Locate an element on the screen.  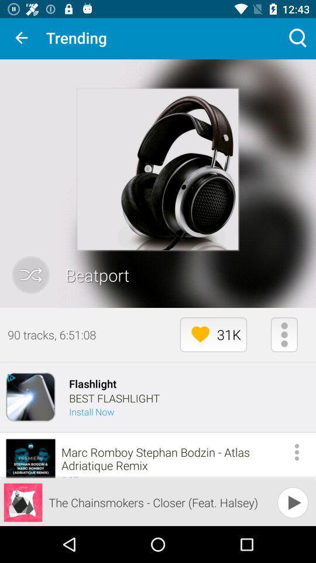
the play icon is located at coordinates (280, 506).